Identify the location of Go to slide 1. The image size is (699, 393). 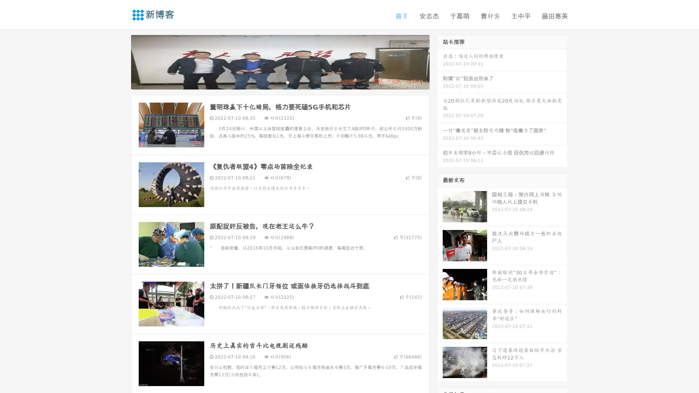
(272, 82).